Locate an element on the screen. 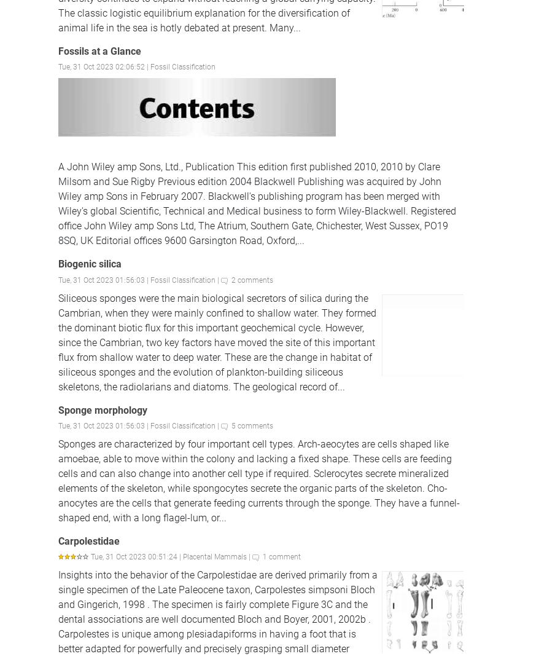 Image resolution: width=555 pixels, height=659 pixels. 'Sponges are characterized by four important cell types. Arch-aeocytes are cells shaped like amoebae, able to move within the colony and lacking a fixed shape. These cells are feeding cells and can also change into another cell type if required. Sclerocytes secrete mineralized elements of the skeleton, while spongocytes secrete the organic parts of the skeleton. Cho-anocytes are the cells that generate feeding currents through the sponge. They have a funnel-shaped end, with a long flagel-lum, or...' is located at coordinates (58, 480).